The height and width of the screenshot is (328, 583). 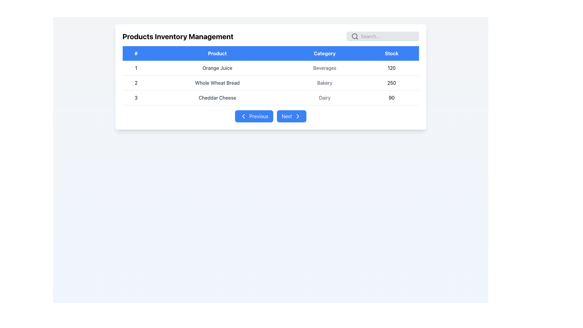 I want to click on the static text label displaying the category information 'Bakery' for the product 'Whole Wheat Bread', which is centrally positioned in the 'Category' column of the second row of the data table, so click(x=324, y=83).